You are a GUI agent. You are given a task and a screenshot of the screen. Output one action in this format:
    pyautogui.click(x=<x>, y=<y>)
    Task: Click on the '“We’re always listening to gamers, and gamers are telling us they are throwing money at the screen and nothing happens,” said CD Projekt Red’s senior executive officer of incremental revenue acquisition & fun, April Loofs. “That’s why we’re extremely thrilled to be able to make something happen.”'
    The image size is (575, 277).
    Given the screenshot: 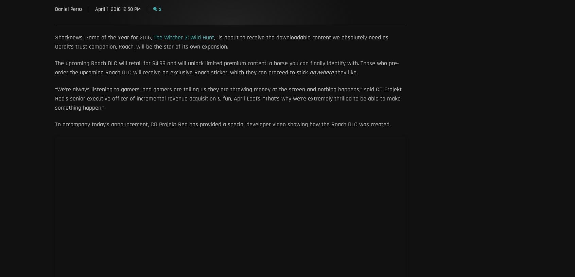 What is the action you would take?
    pyautogui.click(x=228, y=98)
    